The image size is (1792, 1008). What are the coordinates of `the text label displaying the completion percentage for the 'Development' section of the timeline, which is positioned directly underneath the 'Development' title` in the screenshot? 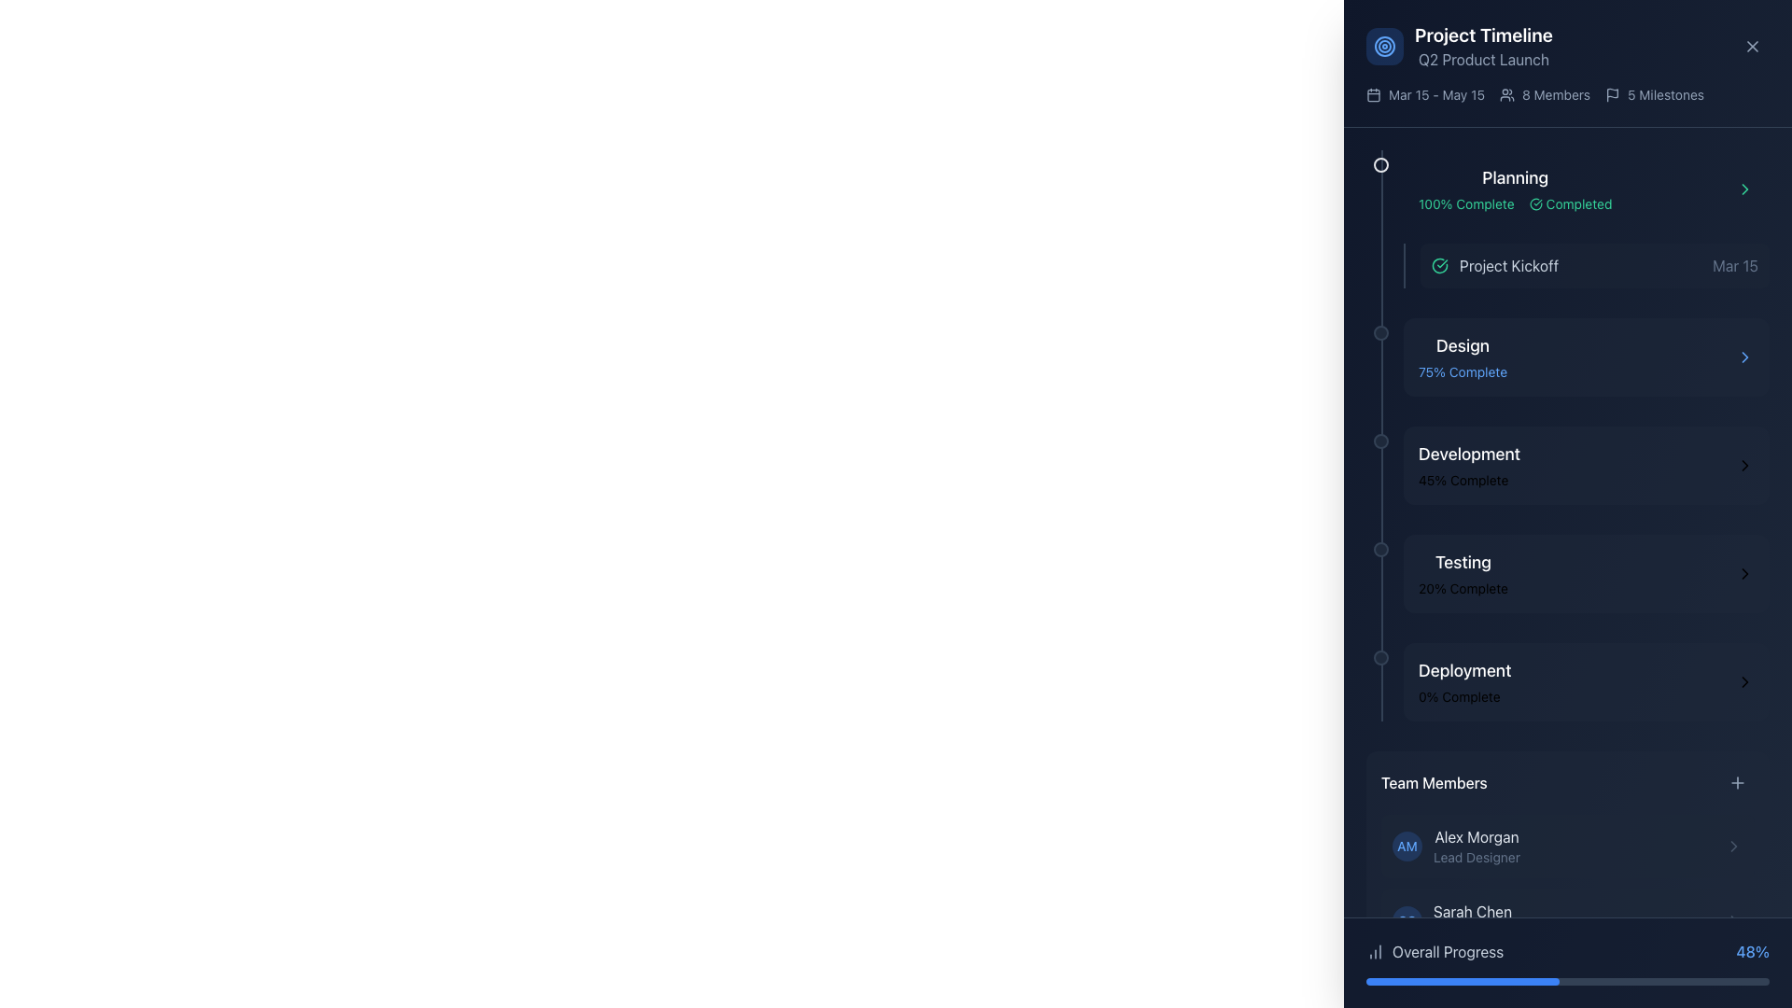 It's located at (1468, 480).